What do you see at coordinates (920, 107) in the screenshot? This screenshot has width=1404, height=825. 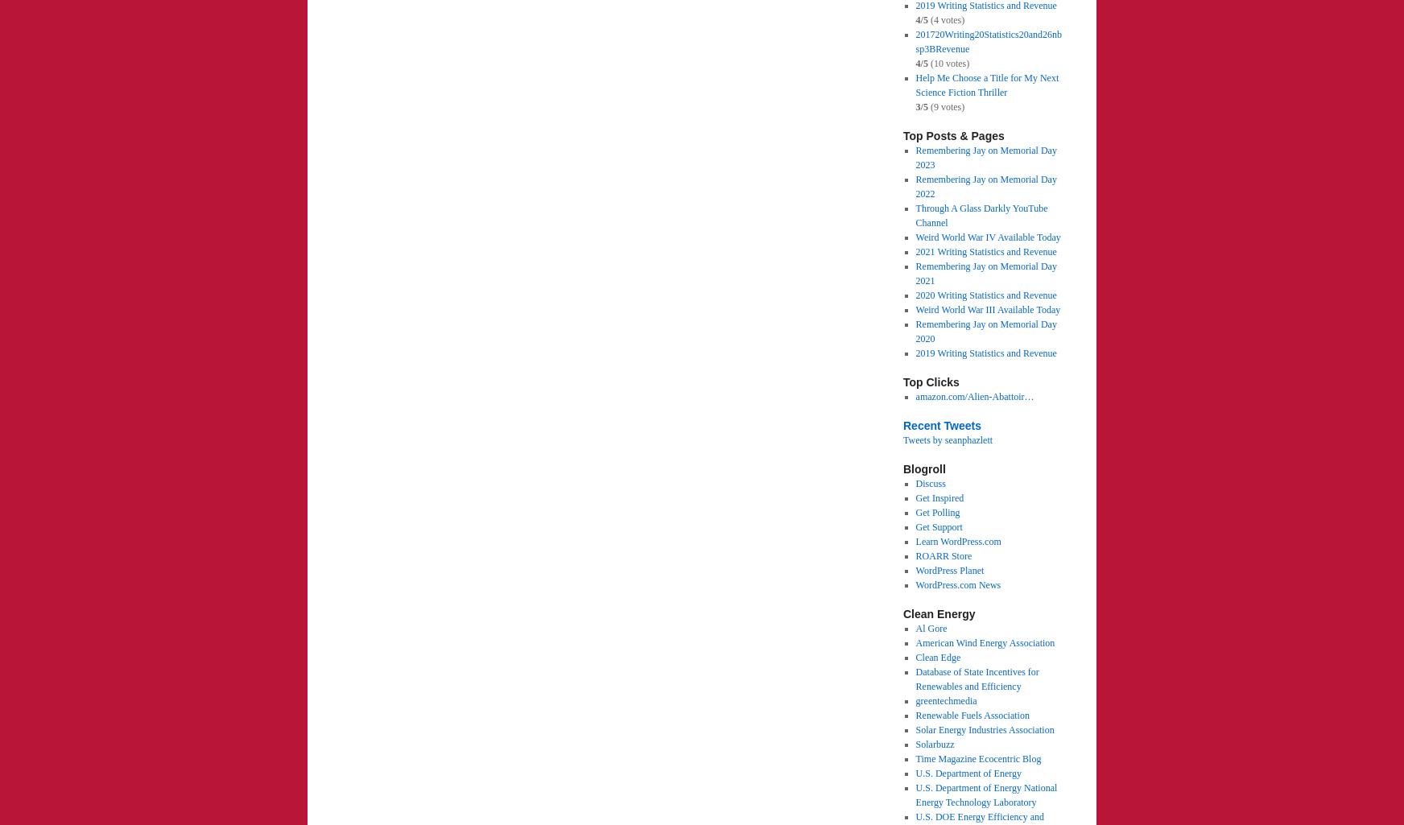 I see `'3/5'` at bounding box center [920, 107].